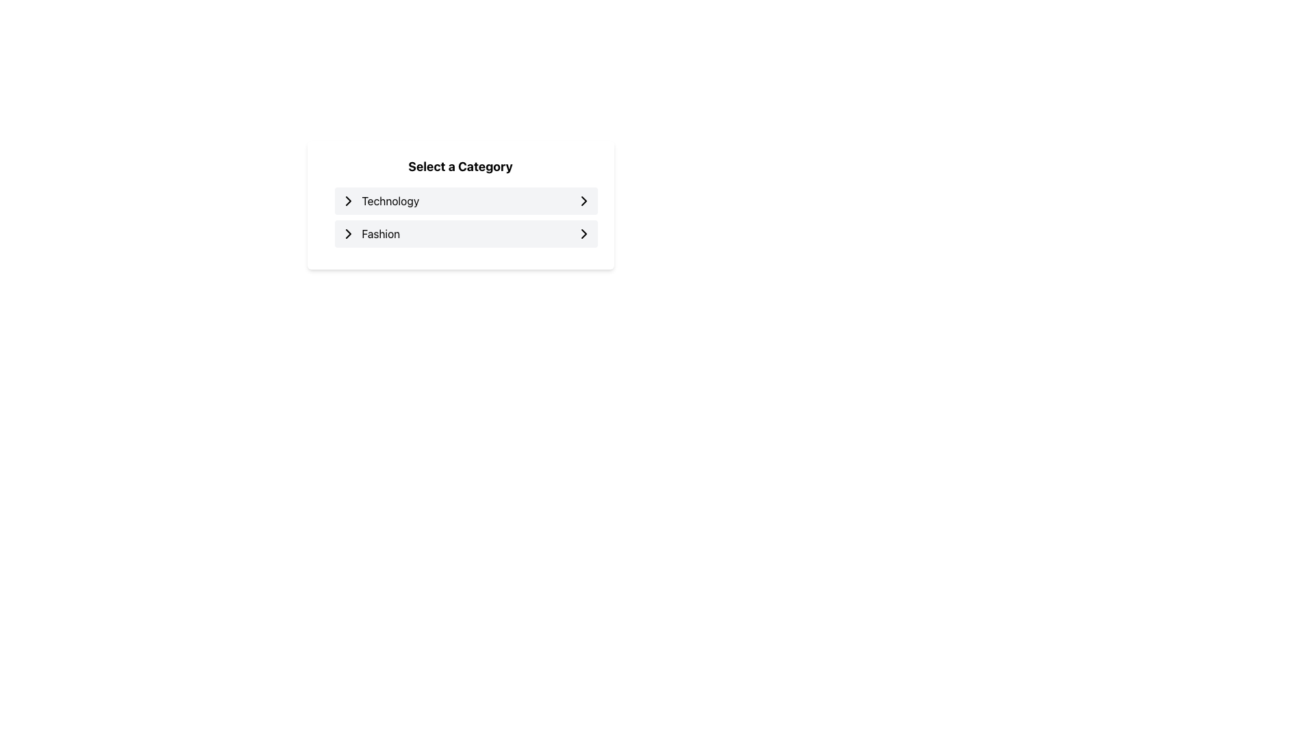 The image size is (1315, 739). I want to click on the 'Fashion' text label, which is the second option in the vertical list under 'Select a Category', following the 'Technology' option, so click(370, 233).